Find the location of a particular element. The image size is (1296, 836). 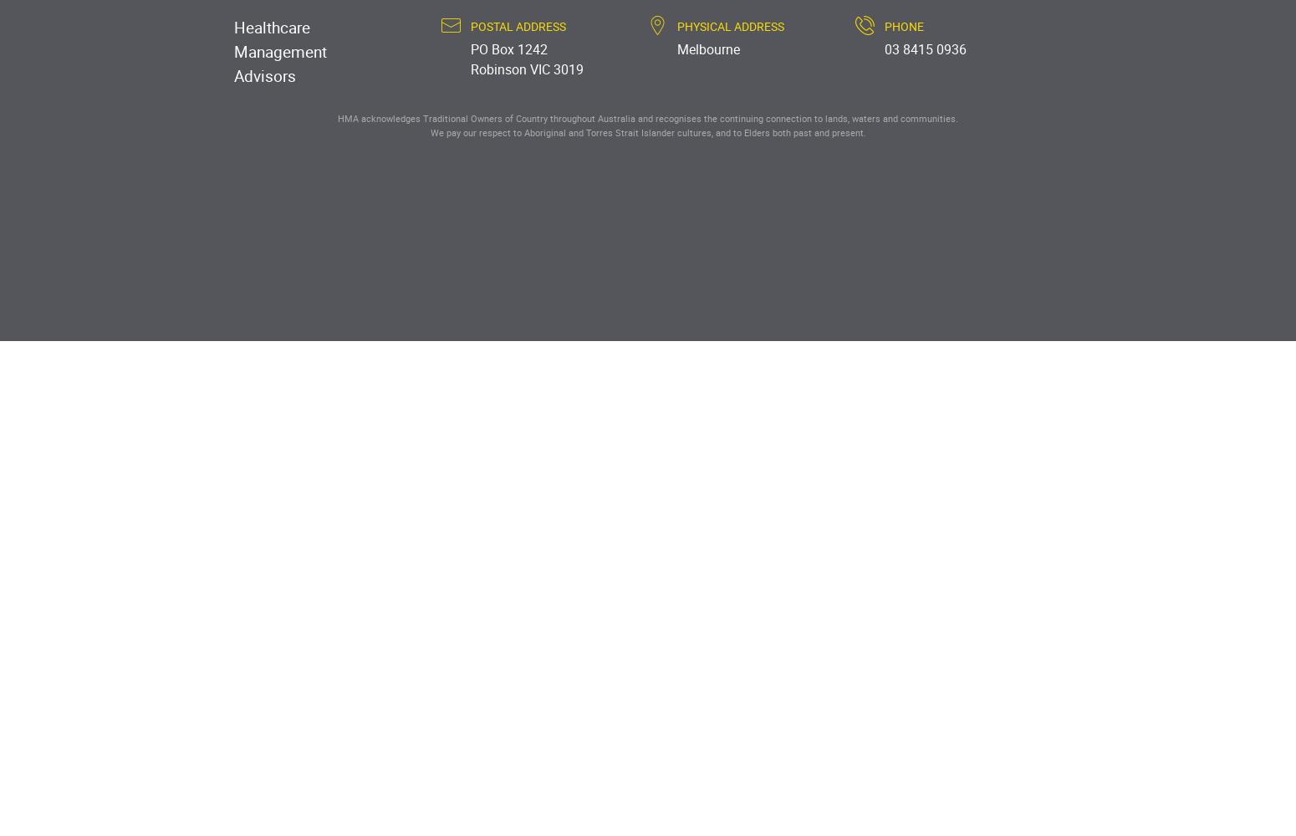

'03 8415 0936' is located at coordinates (923, 49).